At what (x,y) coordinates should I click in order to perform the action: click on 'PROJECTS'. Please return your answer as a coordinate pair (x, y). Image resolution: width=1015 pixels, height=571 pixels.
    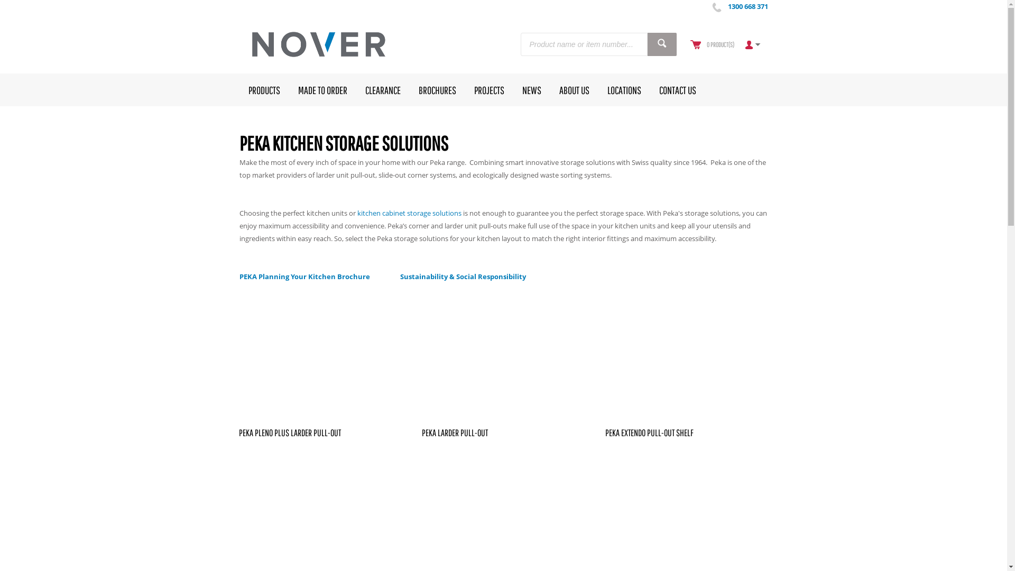
    Looking at the image, I should click on (465, 89).